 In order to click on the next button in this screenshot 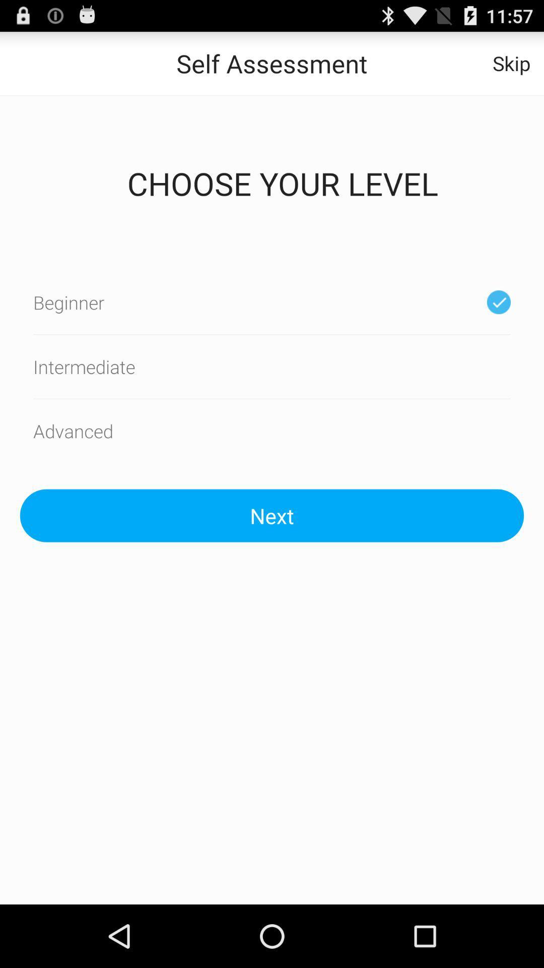, I will do `click(272, 515)`.